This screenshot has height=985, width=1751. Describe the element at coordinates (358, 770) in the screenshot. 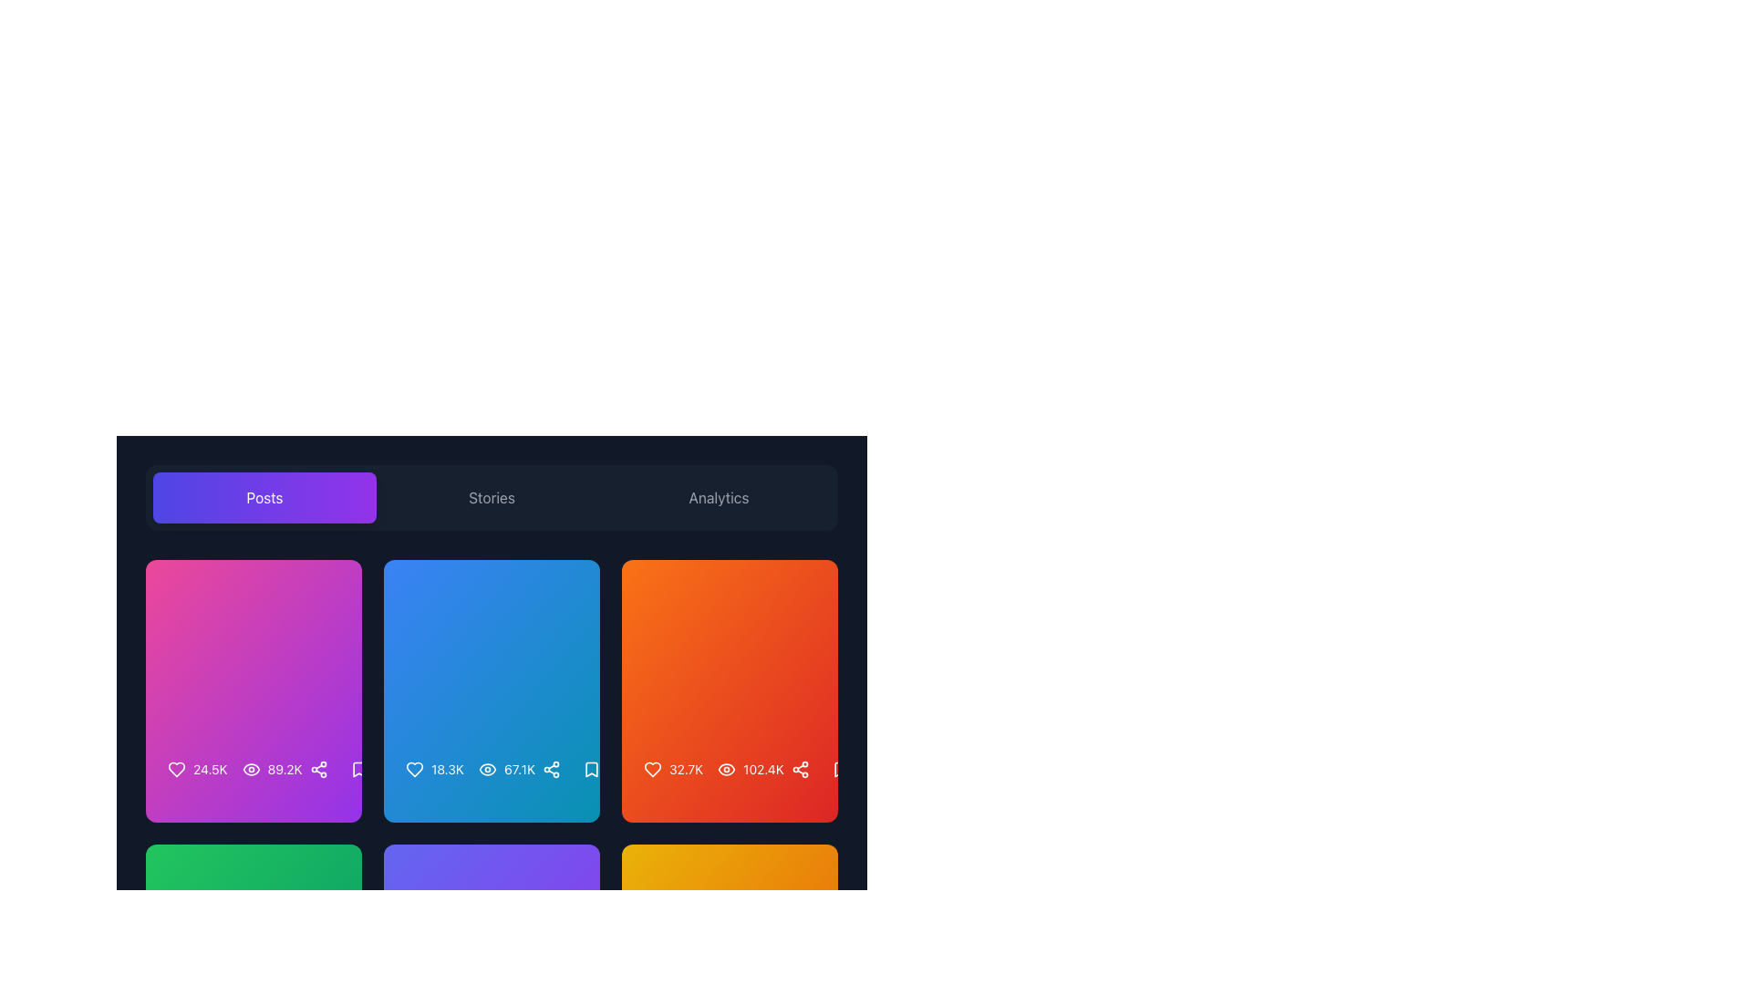

I see `the bookmark icon, which is an outlined vertical rectangle with a triangular notch at the bottom, located in the bottom-right corner of a purple gradient card in the top-left section of a grid layout` at that location.